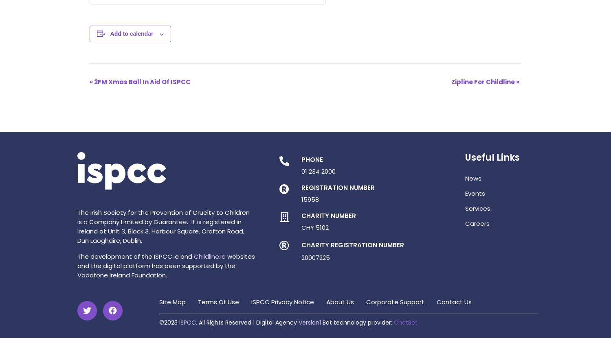 This screenshot has width=611, height=338. Describe the element at coordinates (92, 82) in the screenshot. I see `'2FM Xmas Ball In Aid Of ISPCC'` at that location.